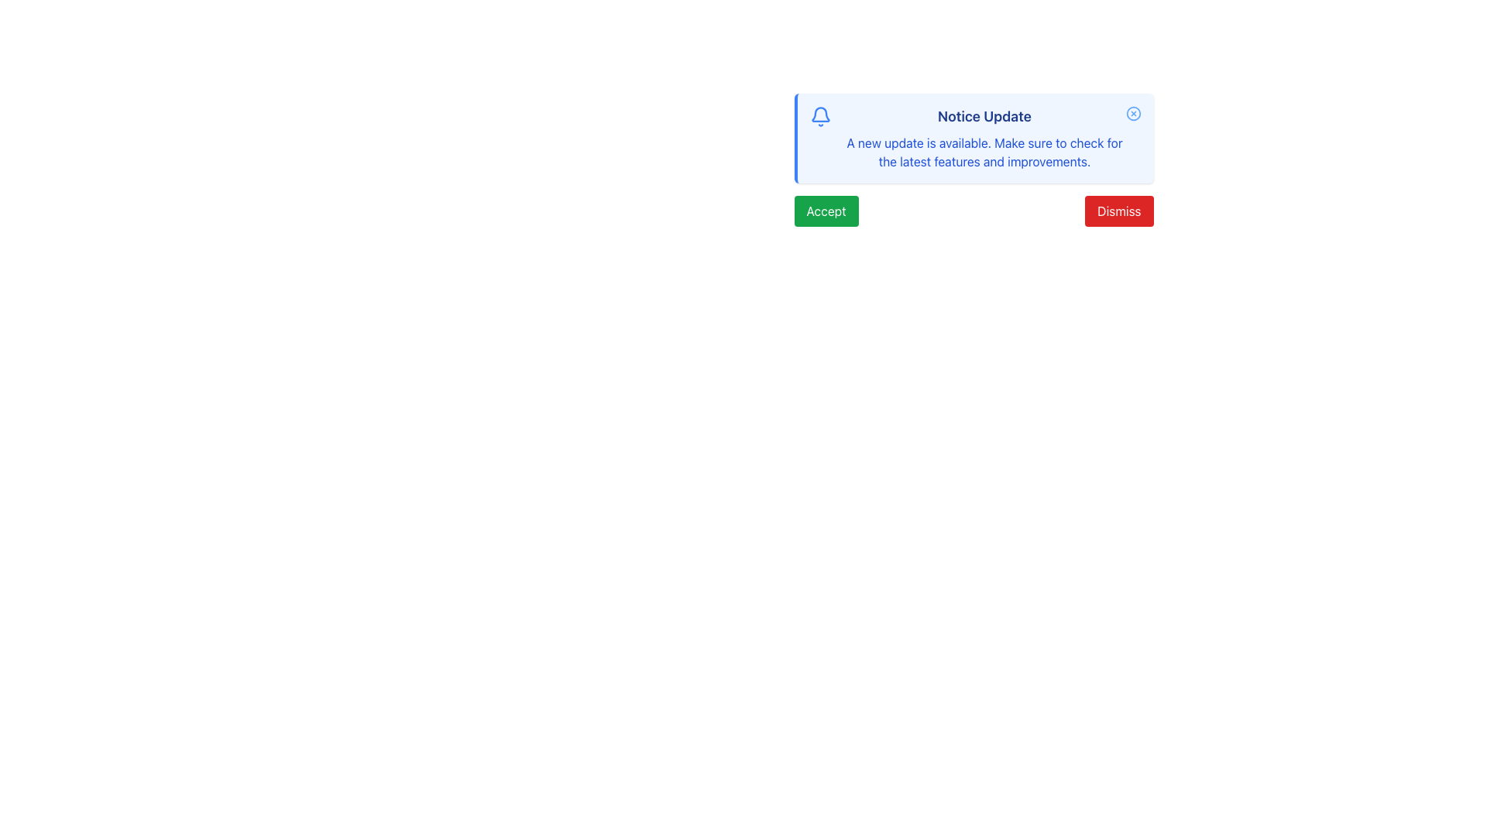 Image resolution: width=1487 pixels, height=836 pixels. Describe the element at coordinates (984, 152) in the screenshot. I see `informational text content about the new update located directly beneath the 'Notice Update' text in the notification box` at that location.